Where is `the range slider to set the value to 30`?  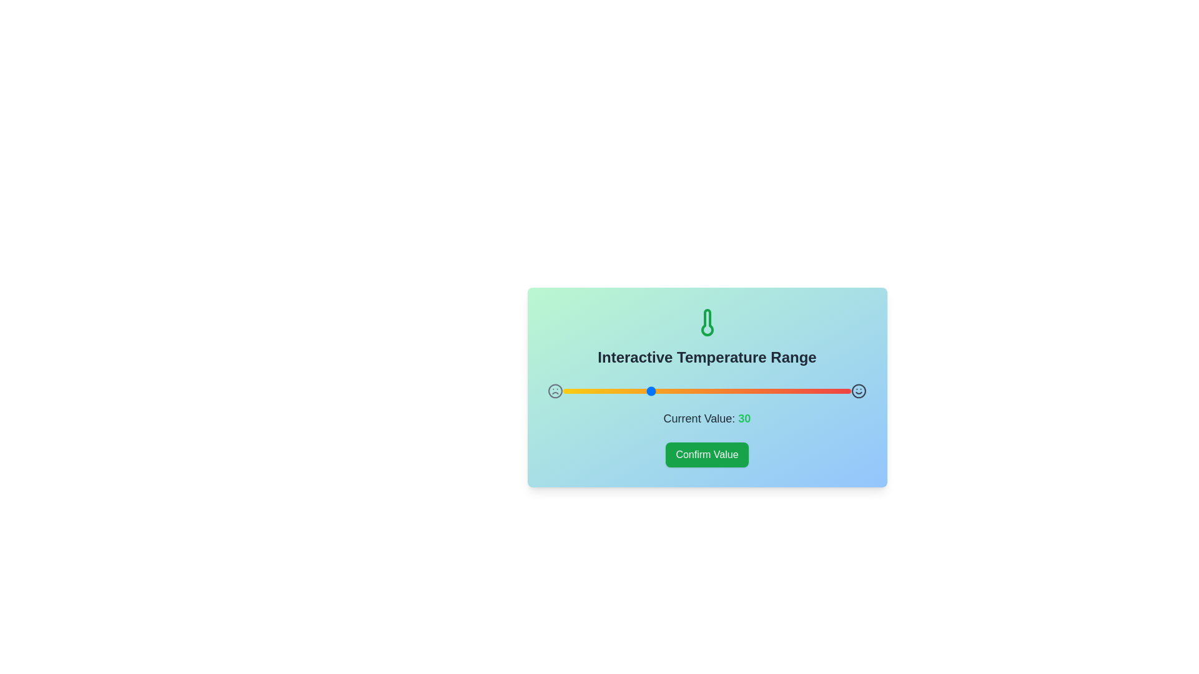 the range slider to set the value to 30 is located at coordinates (649, 391).